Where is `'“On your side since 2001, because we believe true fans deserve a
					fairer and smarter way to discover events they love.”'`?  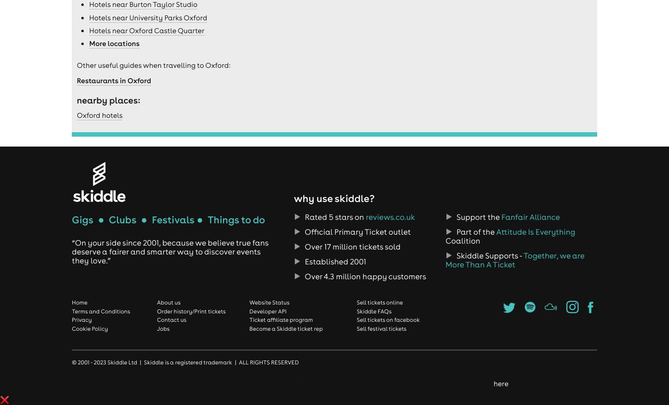
'“On your side since 2001, because we believe true fans deserve a
					fairer and smarter way to discover events they love.”' is located at coordinates (170, 251).